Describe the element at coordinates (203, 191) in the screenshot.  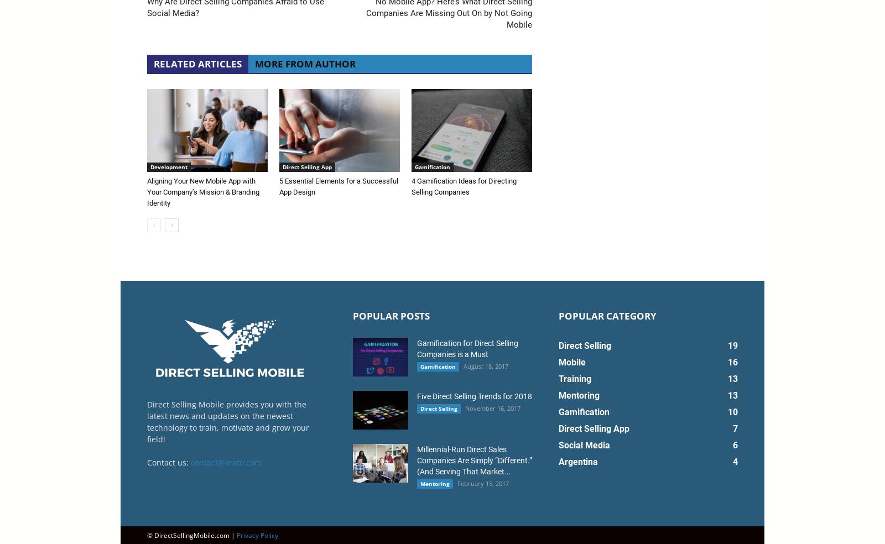
I see `'Aligning Your New Mobile App with Your Company’s Mission & Branding Identity'` at that location.